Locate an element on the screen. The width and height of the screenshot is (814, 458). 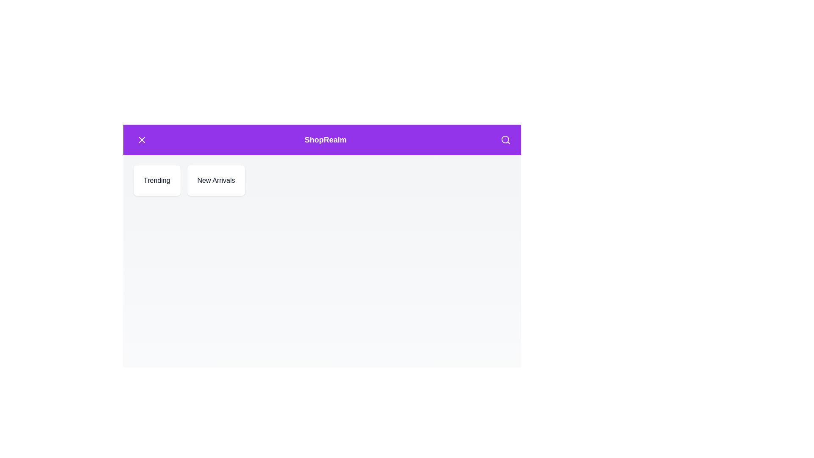
the header text 'ShopRealm' to read its content is located at coordinates (325, 140).